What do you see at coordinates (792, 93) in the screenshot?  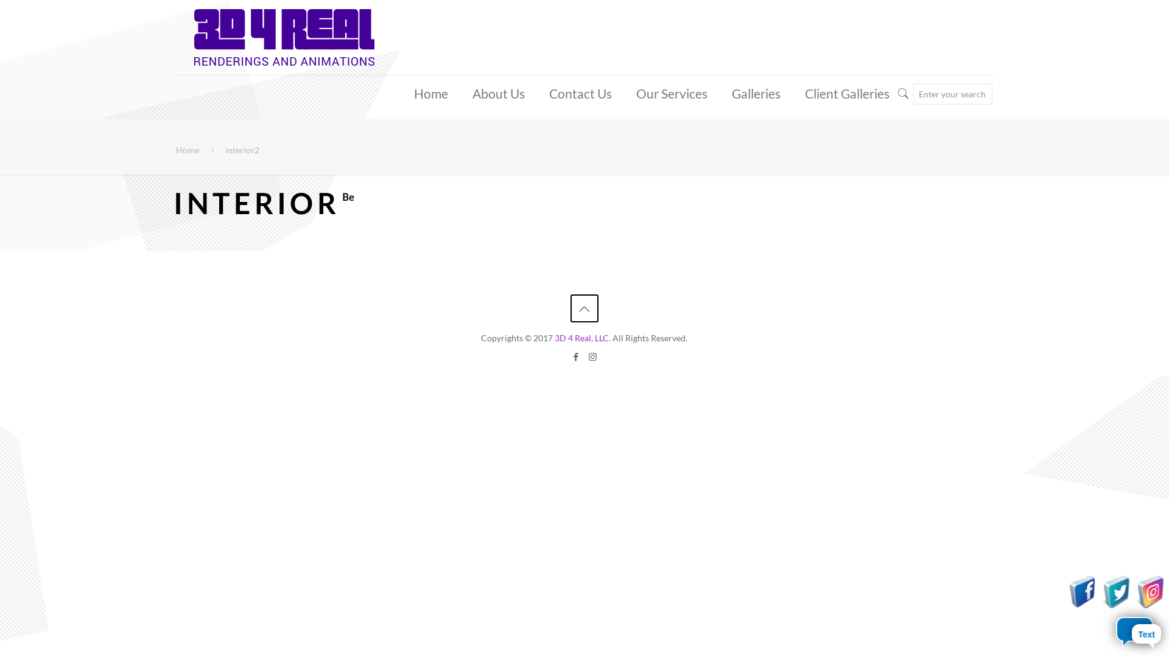 I see `'Client Galleries'` at bounding box center [792, 93].